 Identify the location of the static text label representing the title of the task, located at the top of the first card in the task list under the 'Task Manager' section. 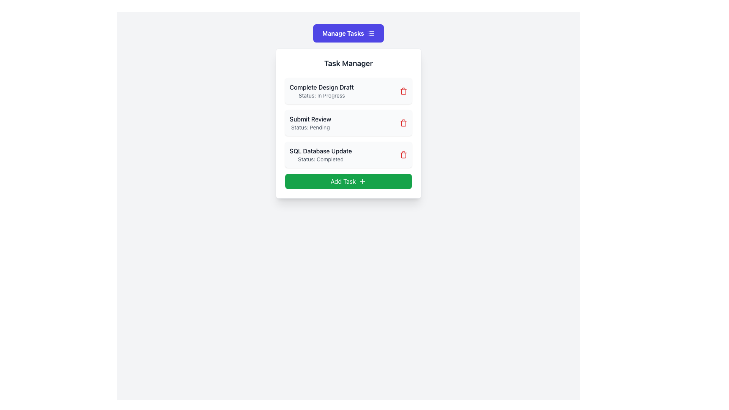
(322, 87).